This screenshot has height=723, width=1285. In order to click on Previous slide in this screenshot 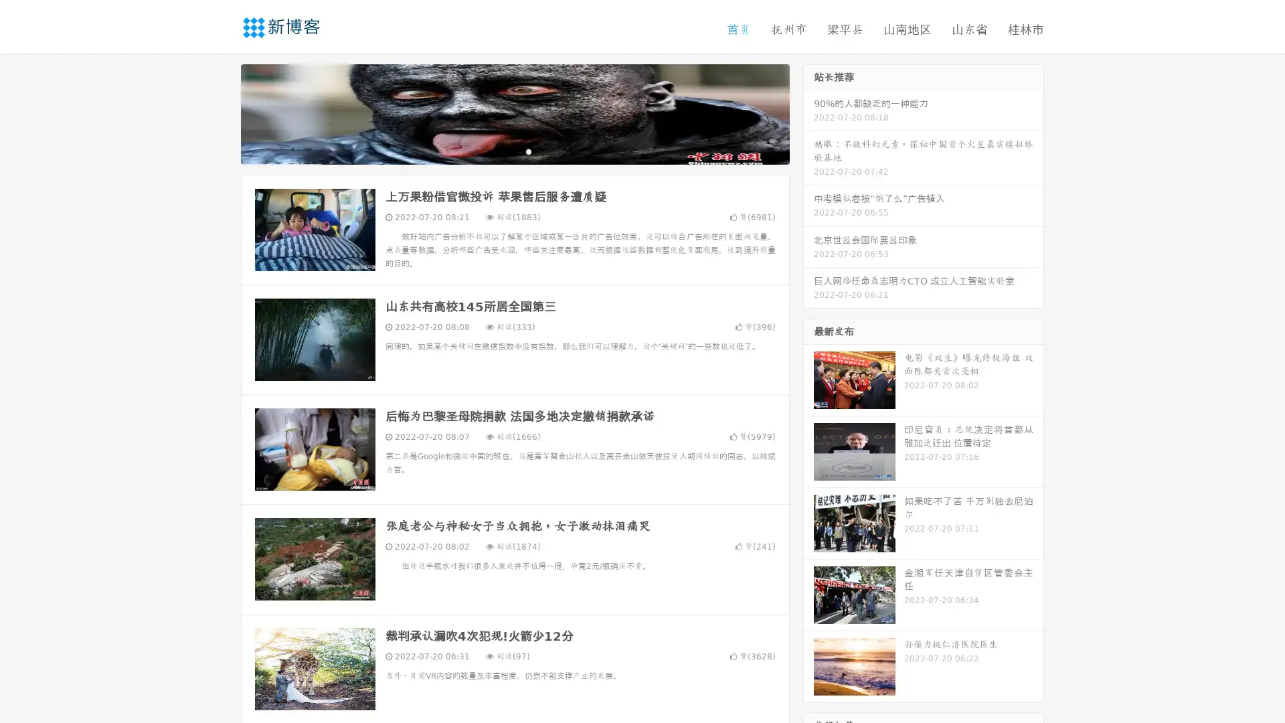, I will do `click(221, 112)`.